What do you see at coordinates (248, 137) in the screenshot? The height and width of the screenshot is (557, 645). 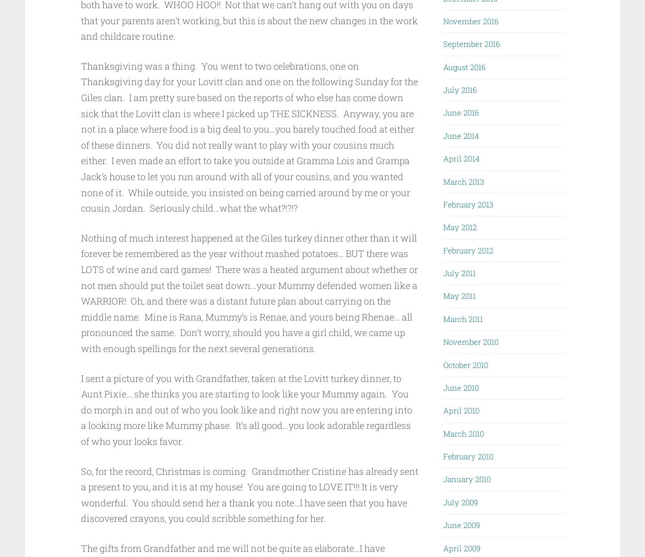 I see `'Thanksgiving was a thing.  You went to two celebrations, one on Thanksgiving day for your Lovitt clan and one on the following Sunday for the Giles clan.  I am pretty sure based on the reports of who else has come down sick that the Lovitt clan is where I picked up THE SICKNESS.  Anyway, you are not in a place where food is a big deal to you…you barely touched food at either of these dinners.  You did not really want to play with your cousins much either.  I even made an effort to take you outside at Gramma Lois and Grampa Jack’s house to let you run around with all of your cousins, and you wanted none of it.  While outside, you insisted on being carried around by me or your cousin Jordan.  Seriously child…what the what?!?!?'` at bounding box center [248, 137].